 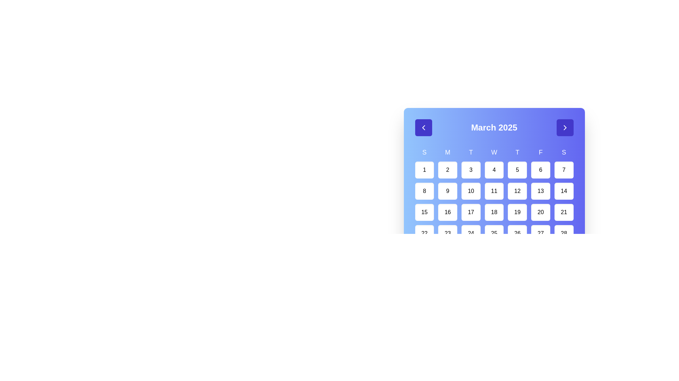 I want to click on the button displaying the number '8' in a bold font, located in the second row and first column of the calendar grid, so click(x=424, y=191).